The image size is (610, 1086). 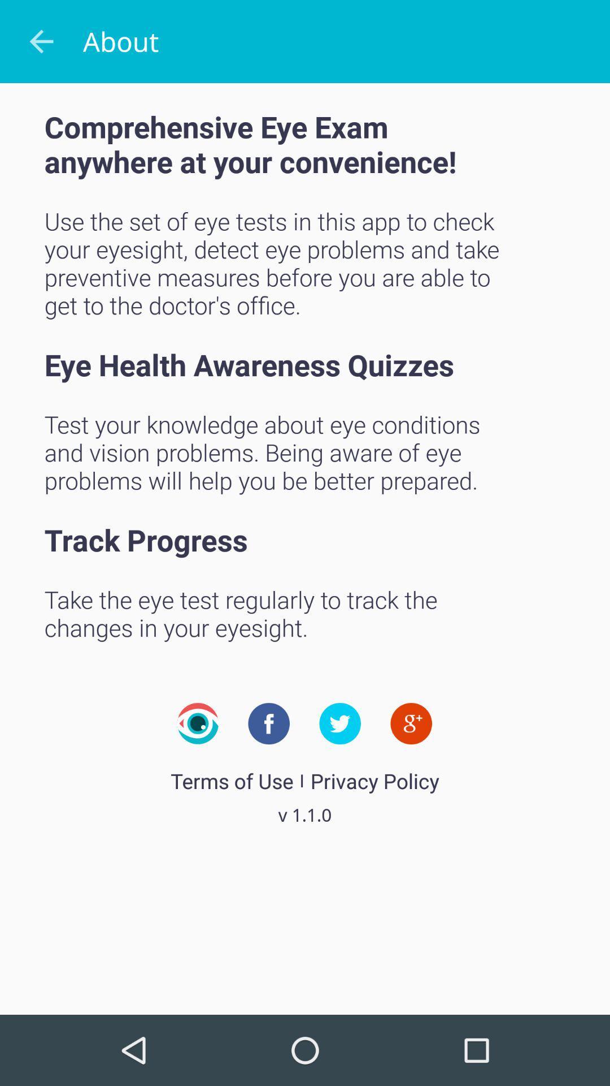 What do you see at coordinates (41, 41) in the screenshot?
I see `icon next to about` at bounding box center [41, 41].